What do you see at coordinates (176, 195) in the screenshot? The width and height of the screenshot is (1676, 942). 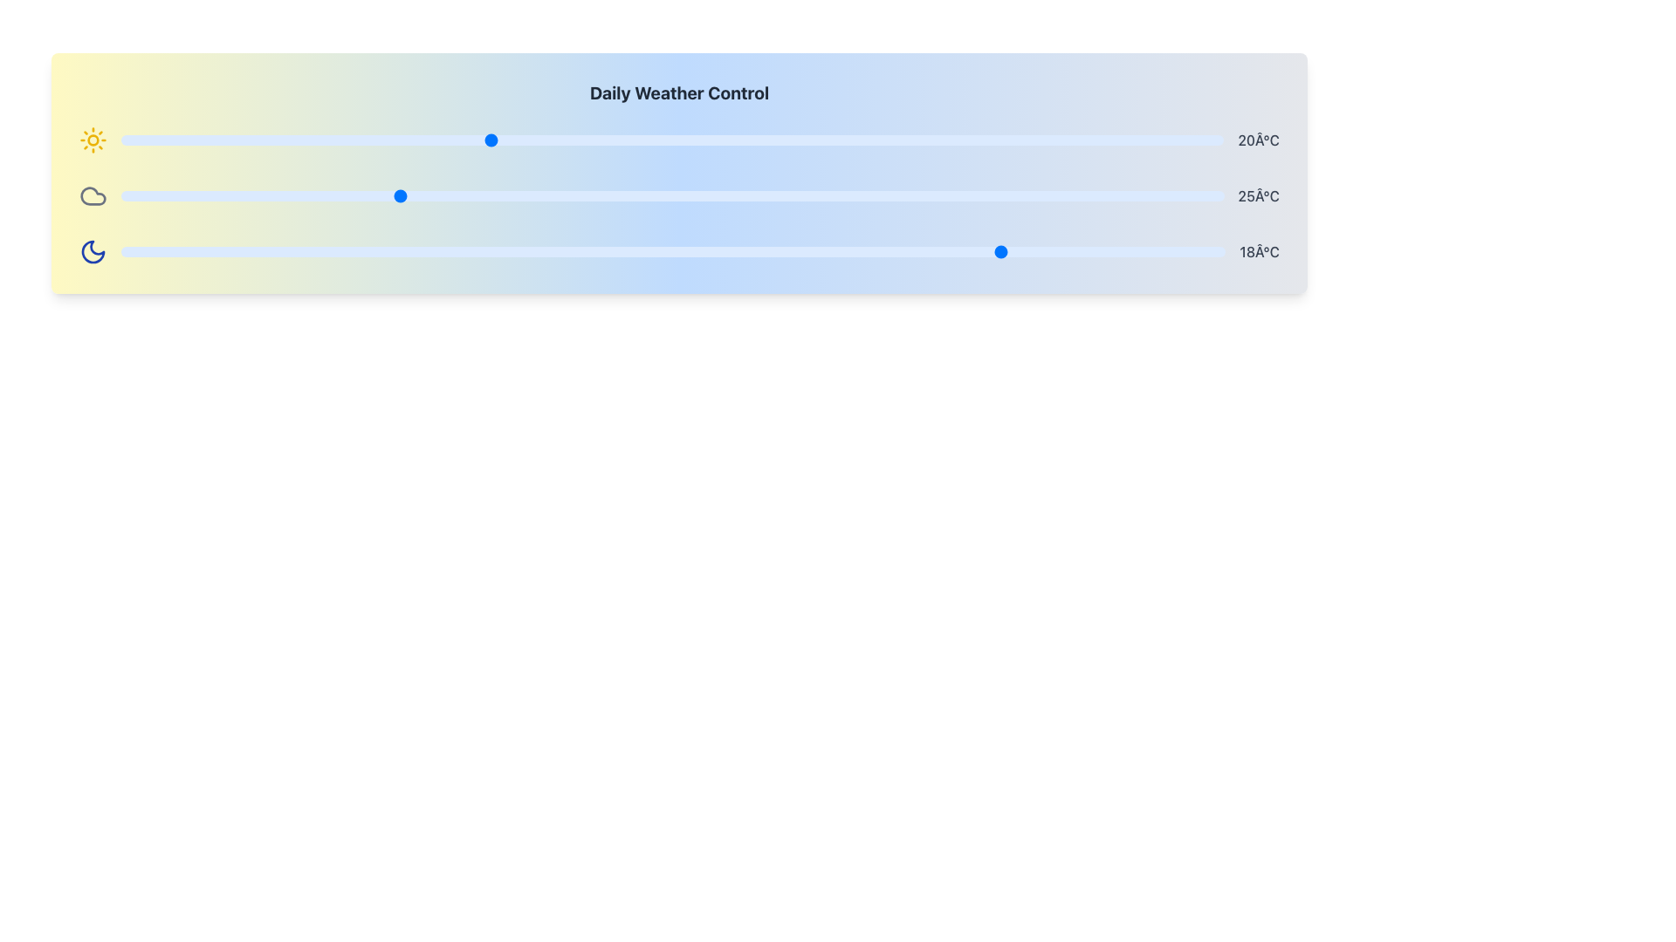 I see `the temperature` at bounding box center [176, 195].